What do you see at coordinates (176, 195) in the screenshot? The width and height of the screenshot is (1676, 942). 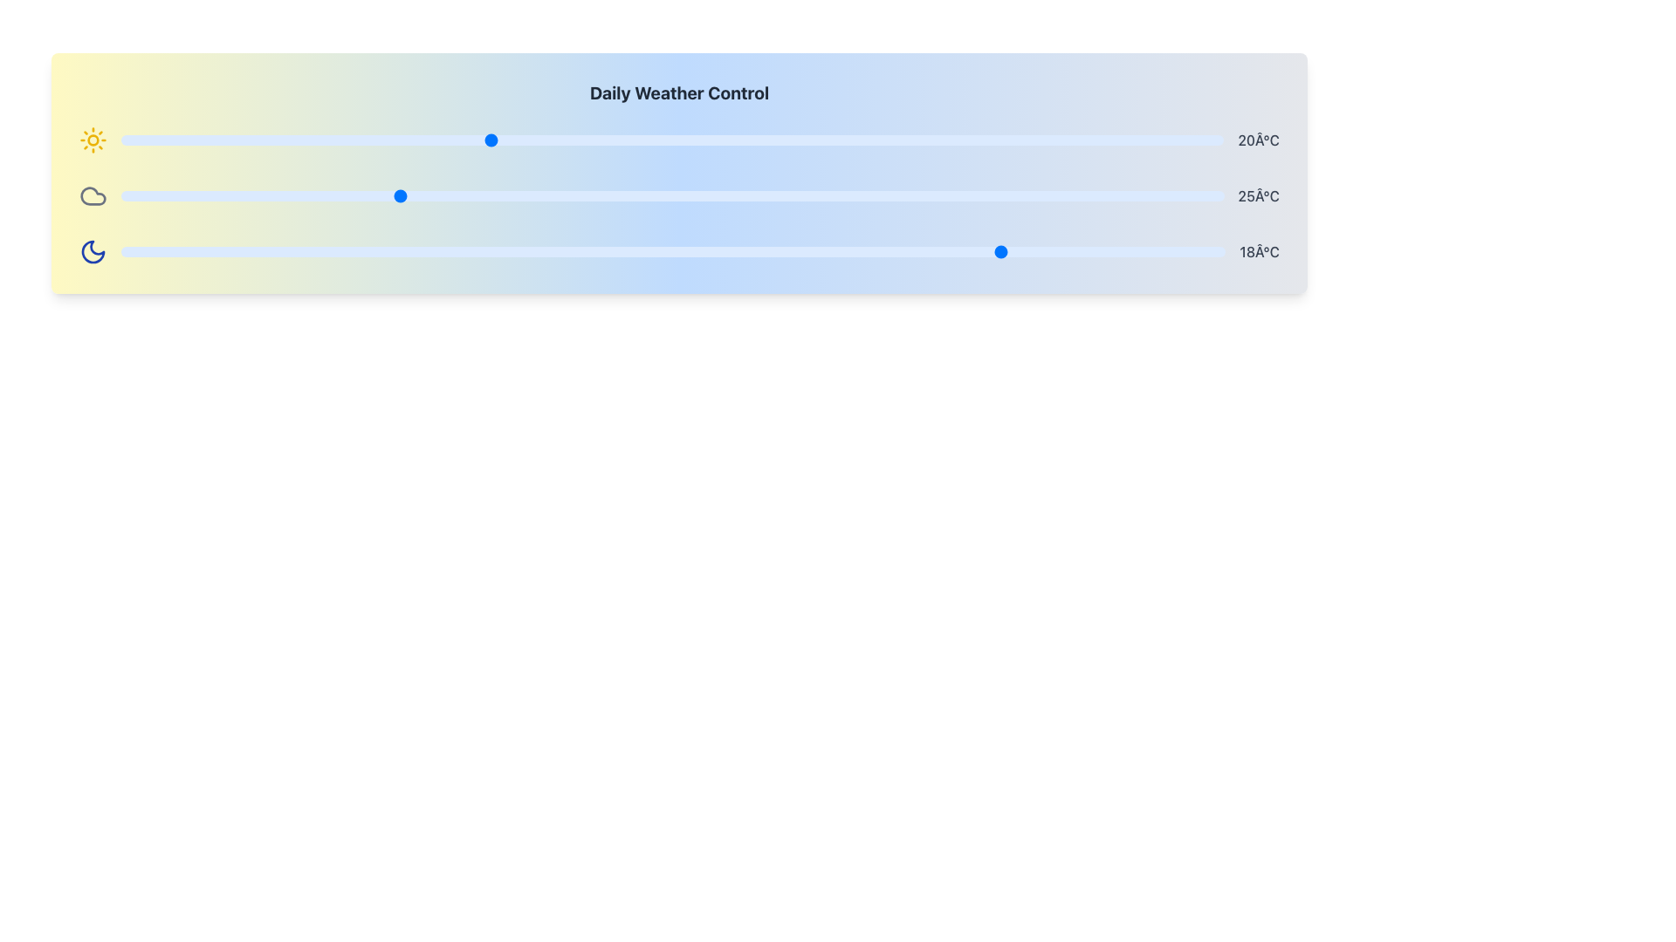 I see `the temperature` at bounding box center [176, 195].